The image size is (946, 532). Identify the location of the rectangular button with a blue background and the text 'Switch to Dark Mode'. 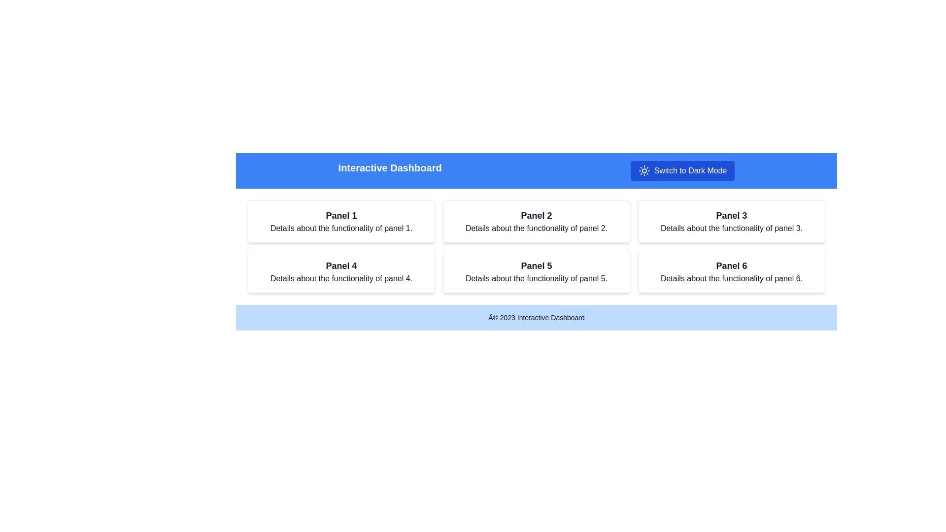
(682, 170).